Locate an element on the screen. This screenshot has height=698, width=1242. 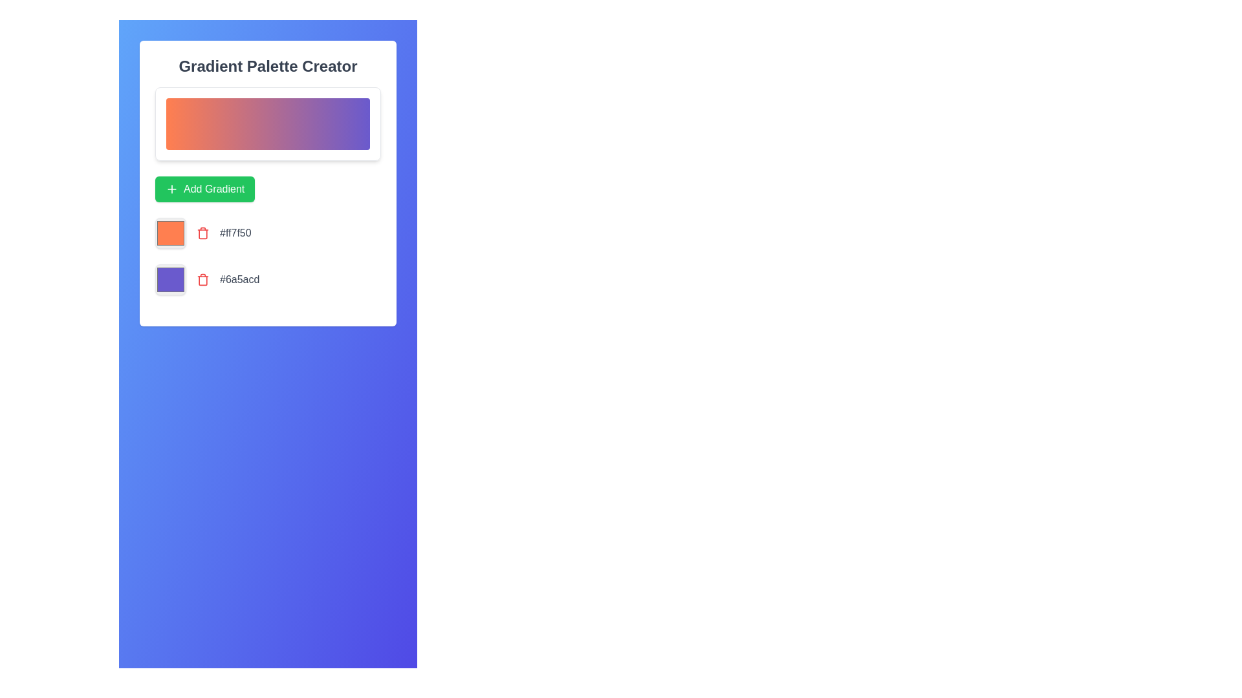
the 'Add Gradient' button is located at coordinates (267, 189).